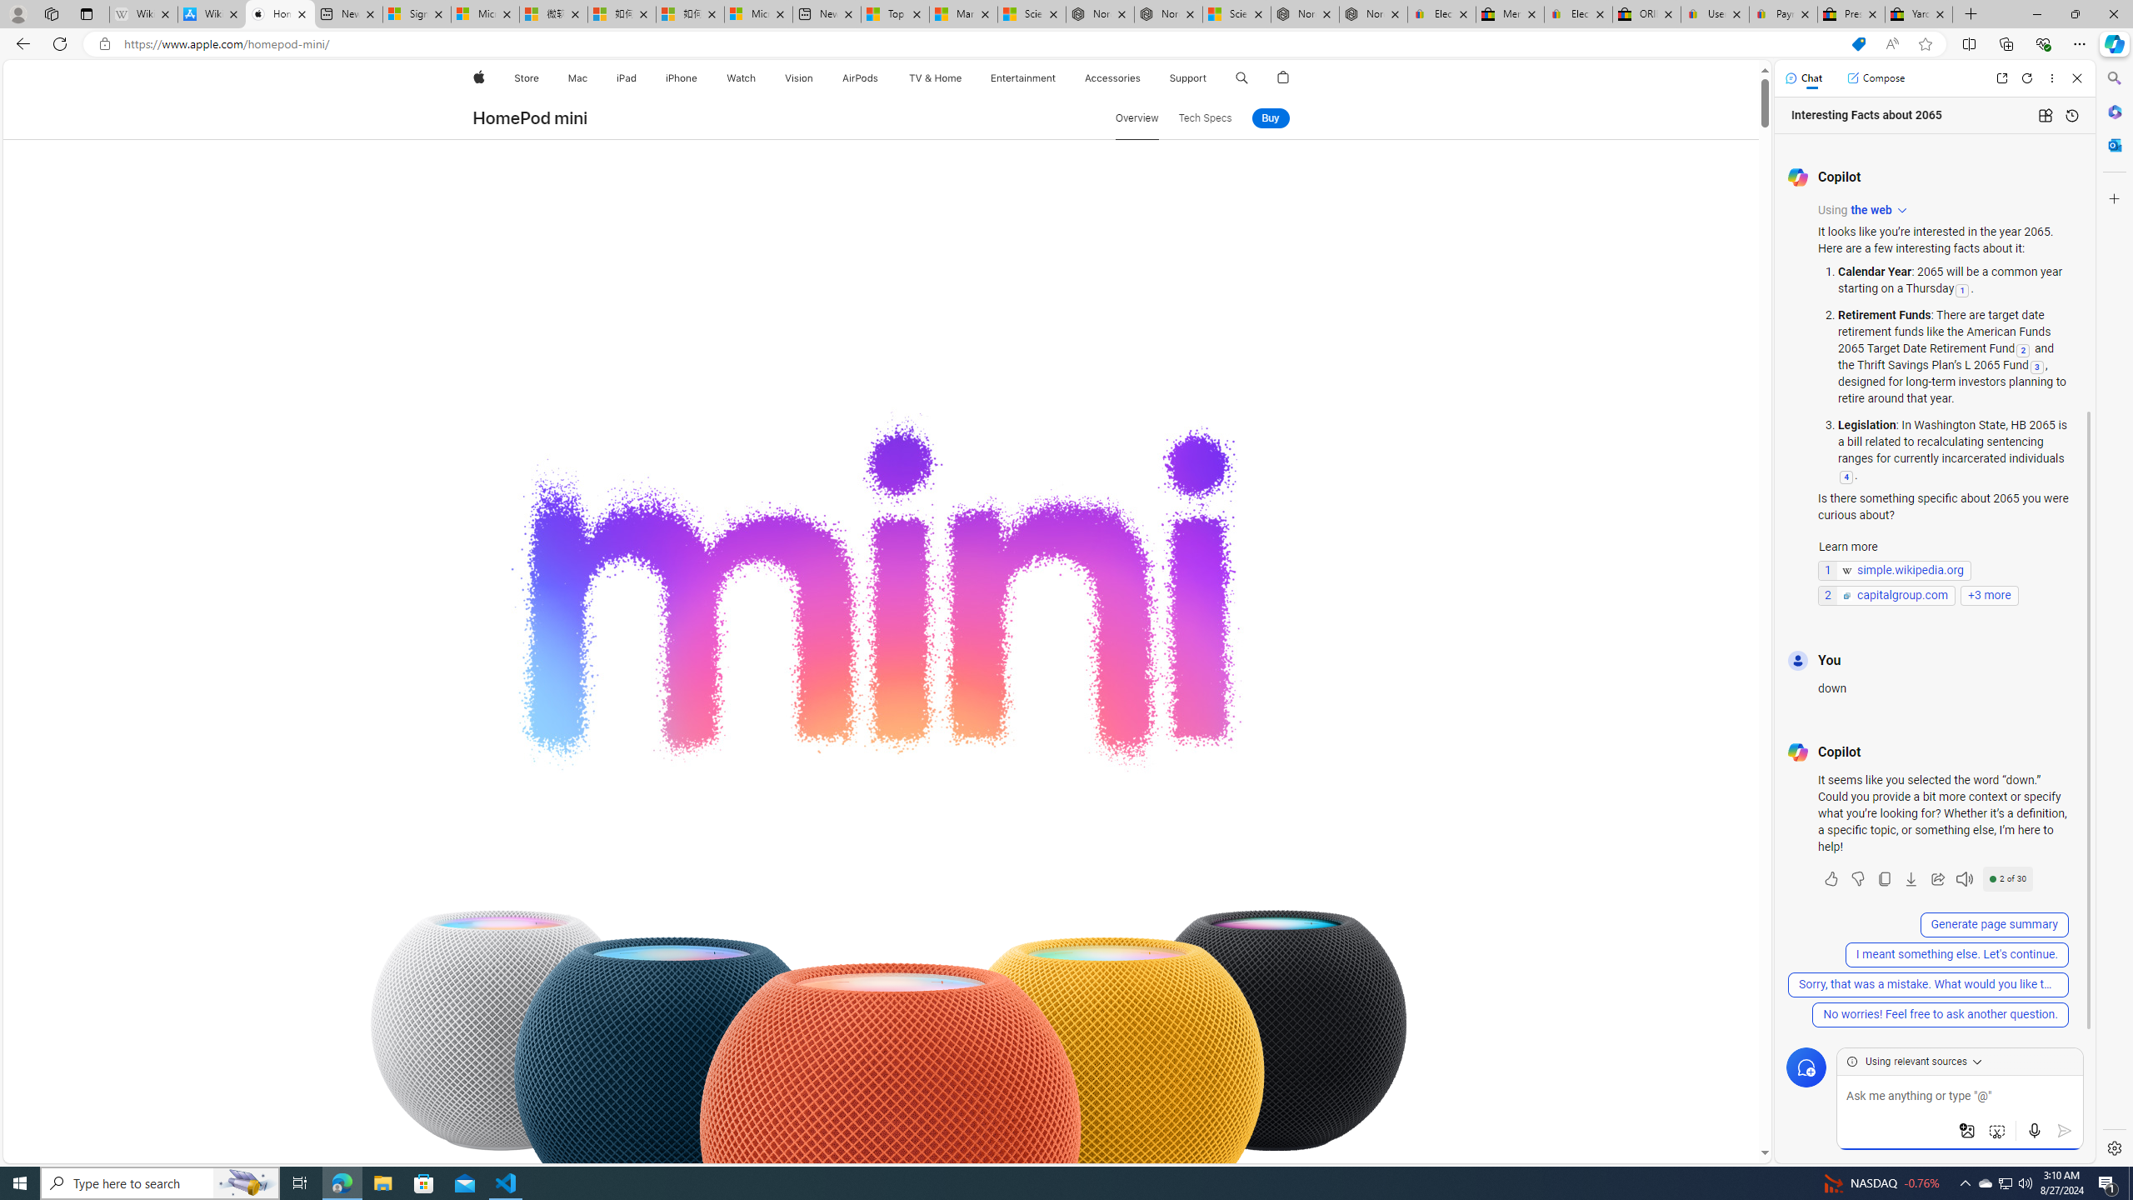  What do you see at coordinates (934, 77) in the screenshot?
I see `'TV & Home'` at bounding box center [934, 77].